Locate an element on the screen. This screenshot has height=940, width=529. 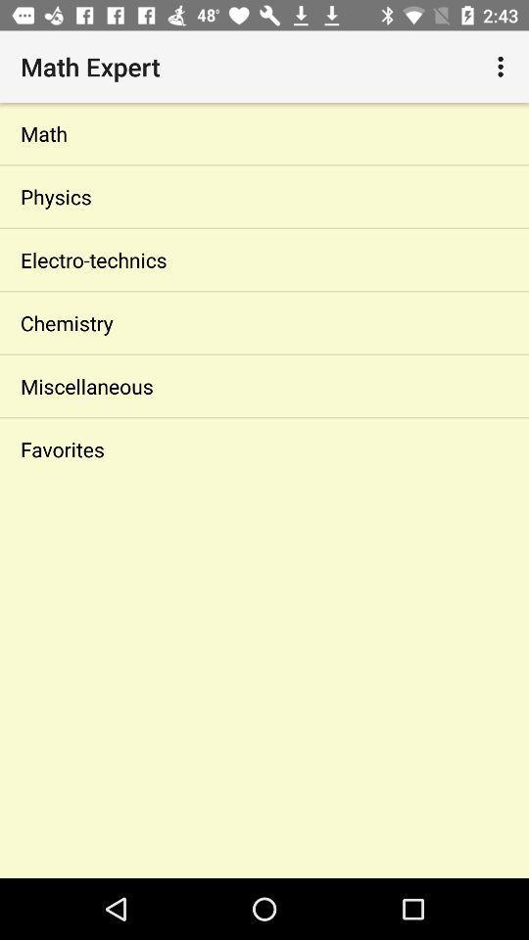
icon above favorites app is located at coordinates (264, 385).